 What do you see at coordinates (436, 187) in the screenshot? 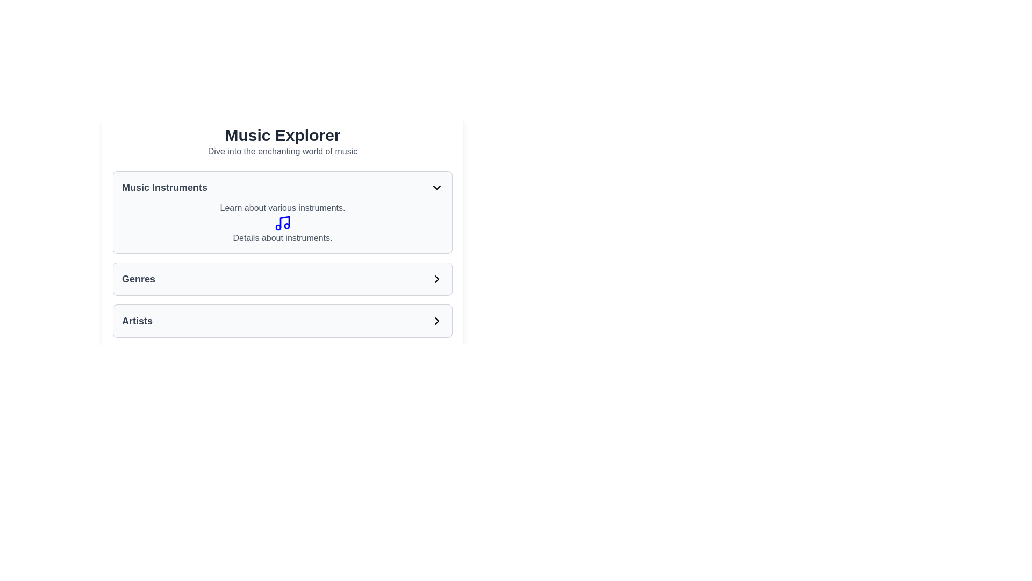
I see `the chevron icon located to the far-right of the 'Music Instruments' section` at bounding box center [436, 187].